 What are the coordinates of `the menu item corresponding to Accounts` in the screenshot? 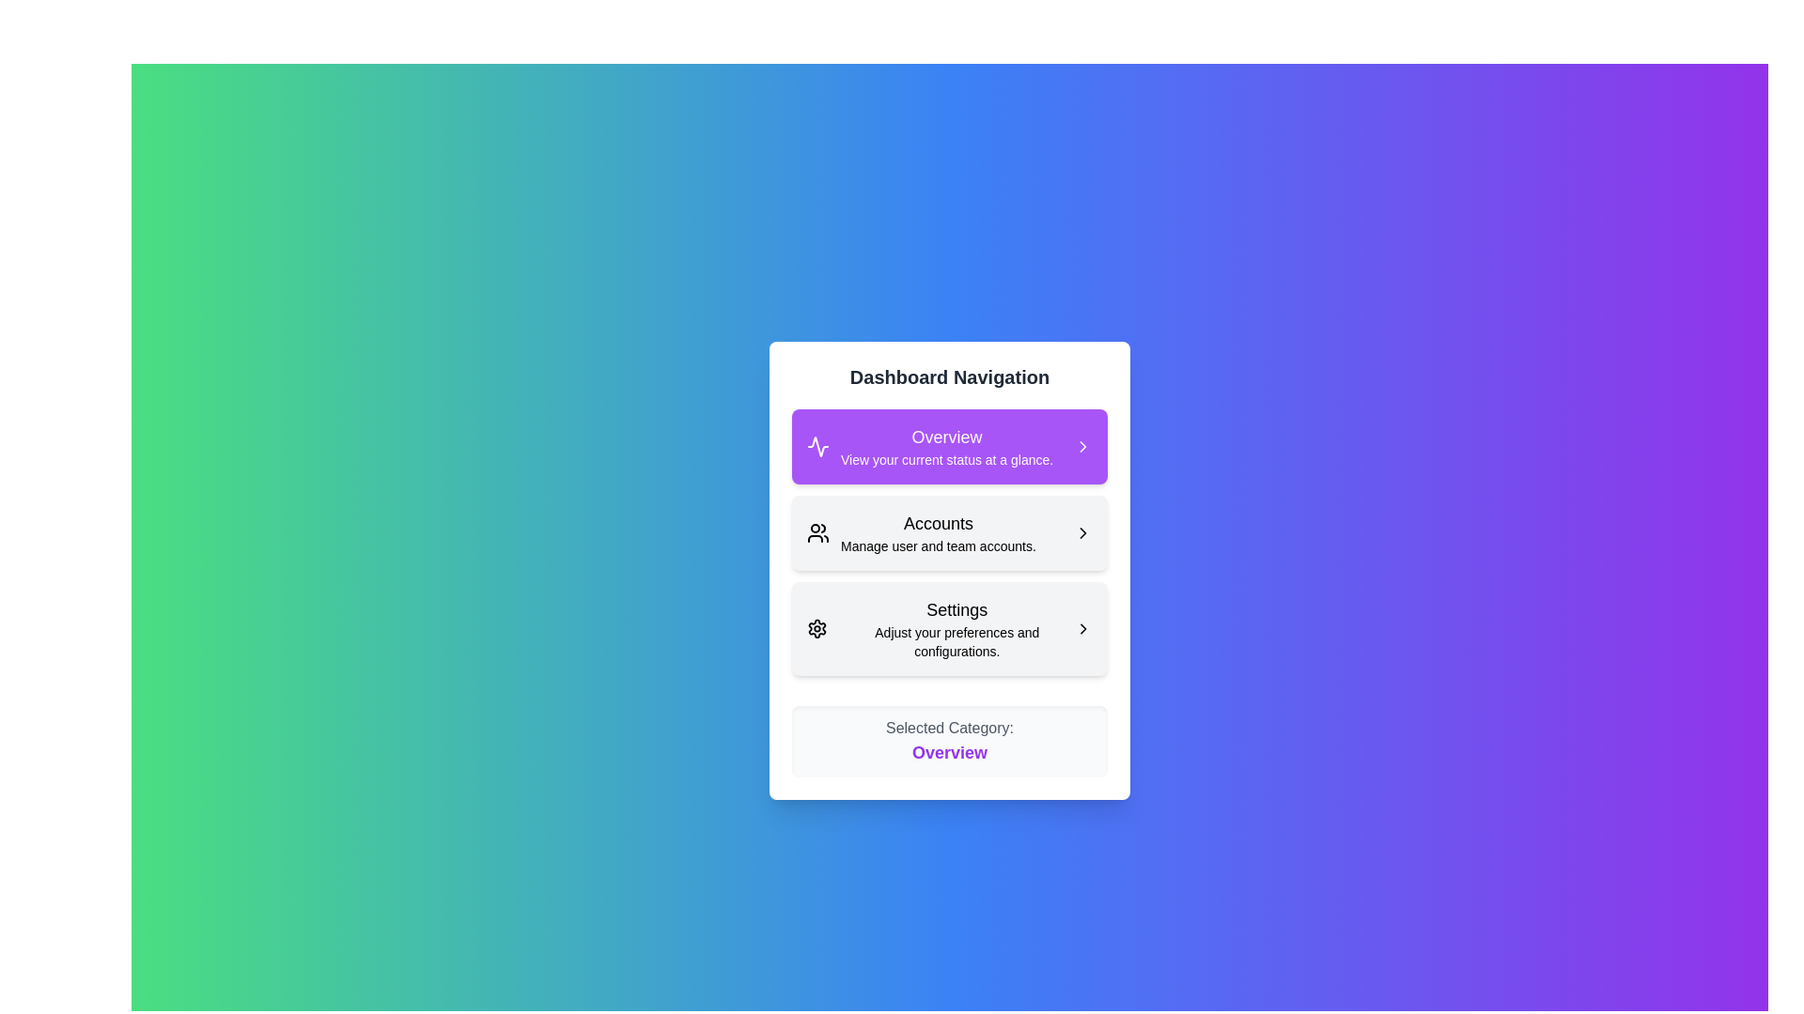 It's located at (950, 532).